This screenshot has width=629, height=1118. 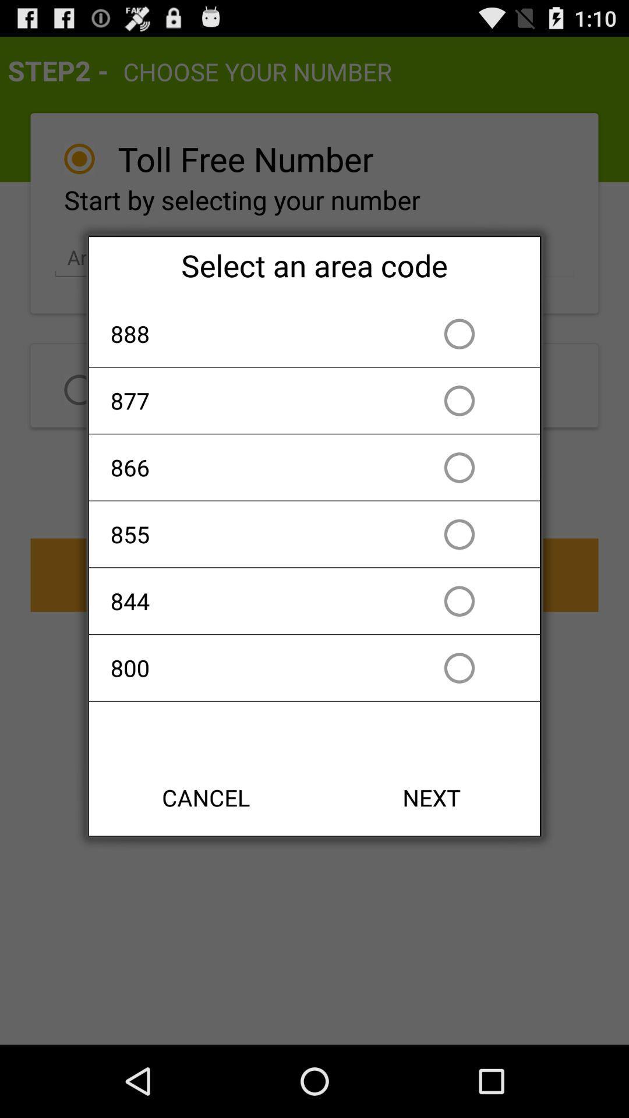 What do you see at coordinates (432, 797) in the screenshot?
I see `the next item` at bounding box center [432, 797].